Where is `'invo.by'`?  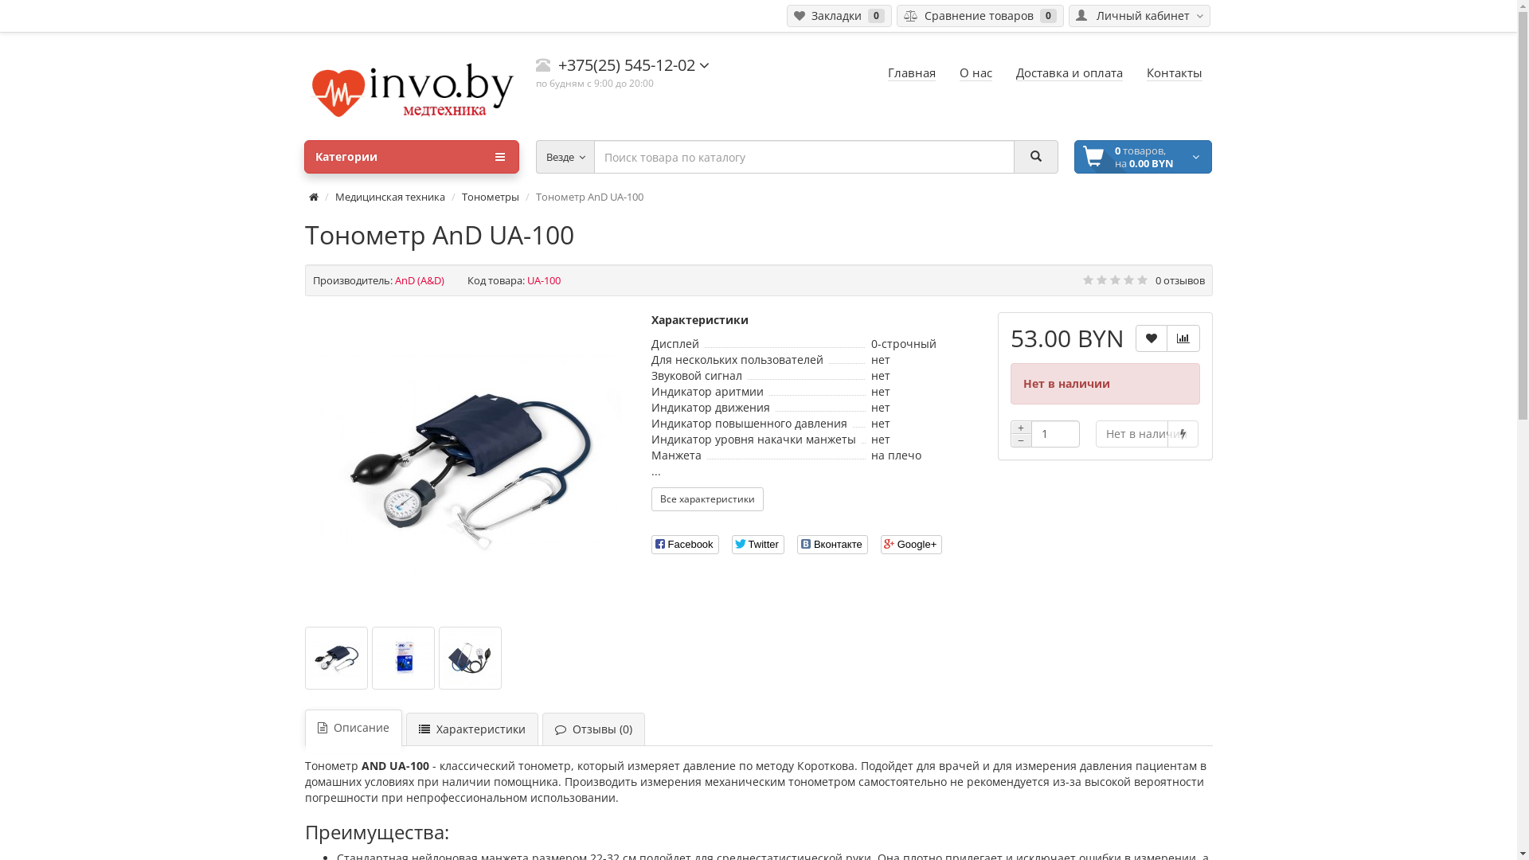
'invo.by' is located at coordinates (304, 86).